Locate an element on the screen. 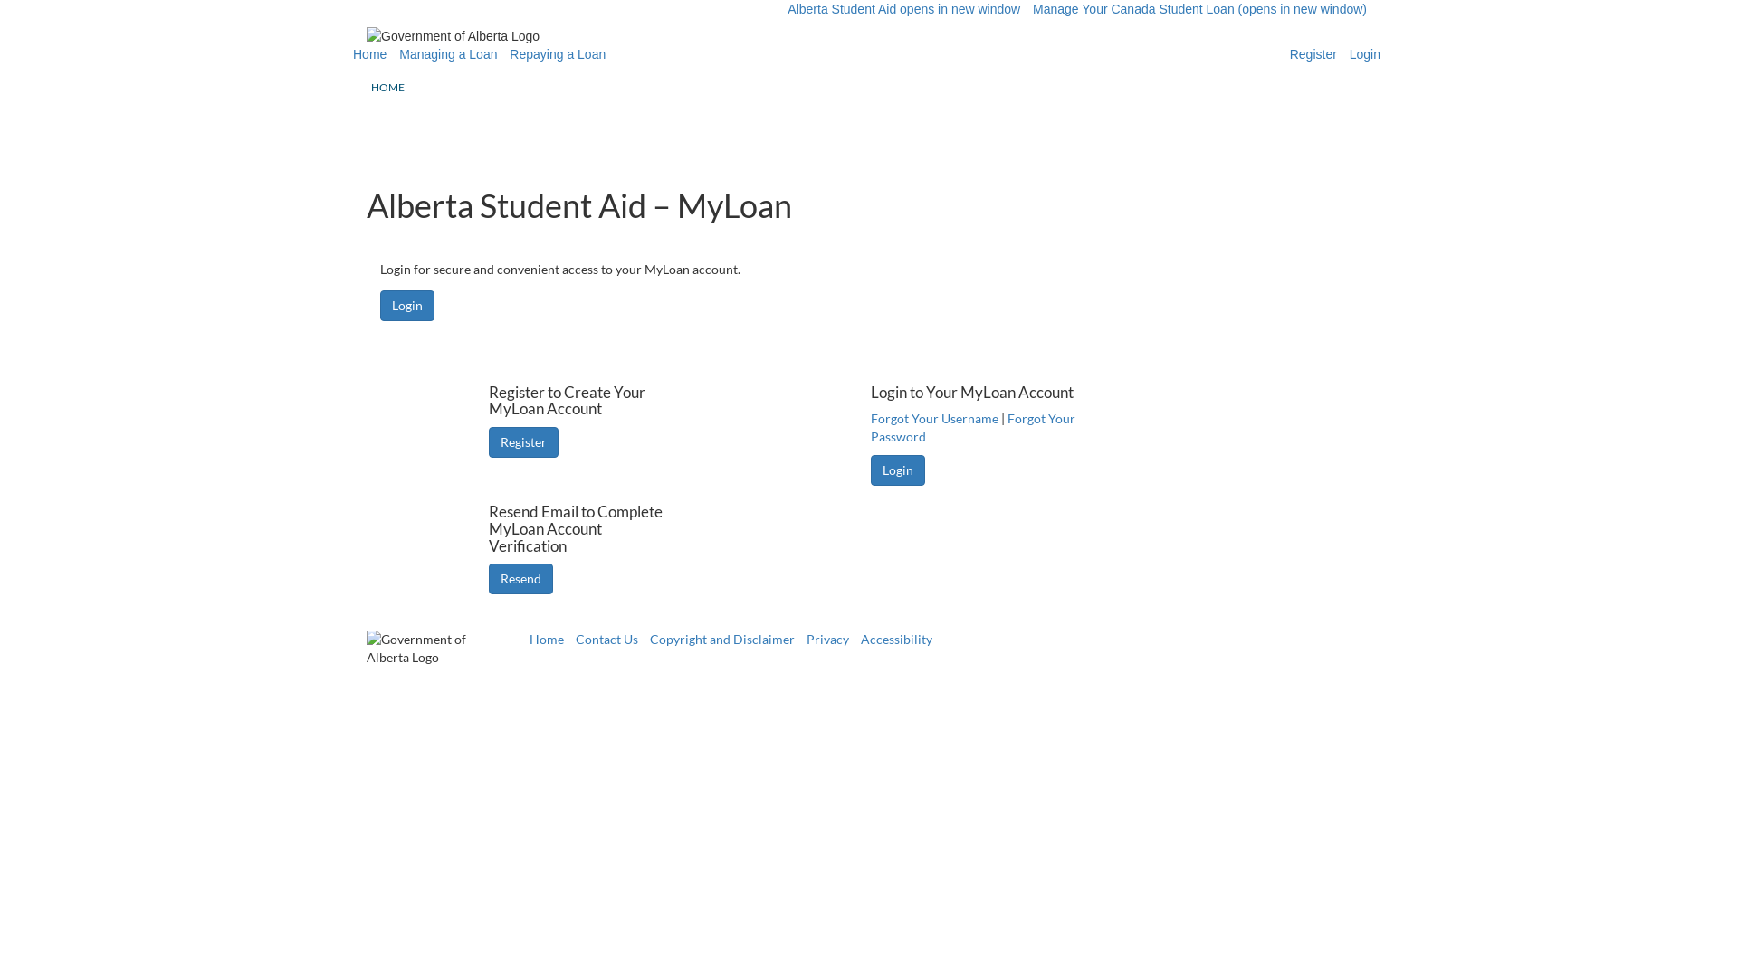  'Repaying a Loan' is located at coordinates (556, 53).